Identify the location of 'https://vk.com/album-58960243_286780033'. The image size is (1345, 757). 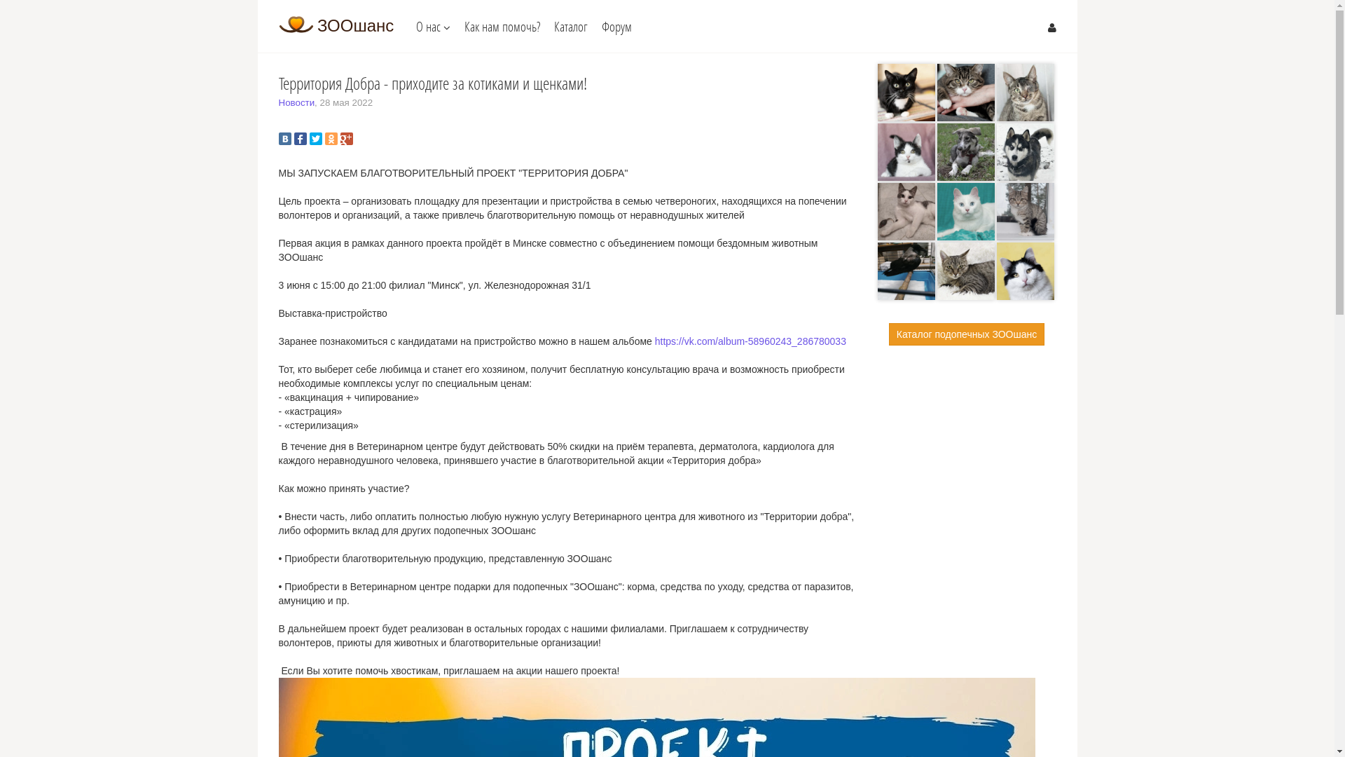
(750, 341).